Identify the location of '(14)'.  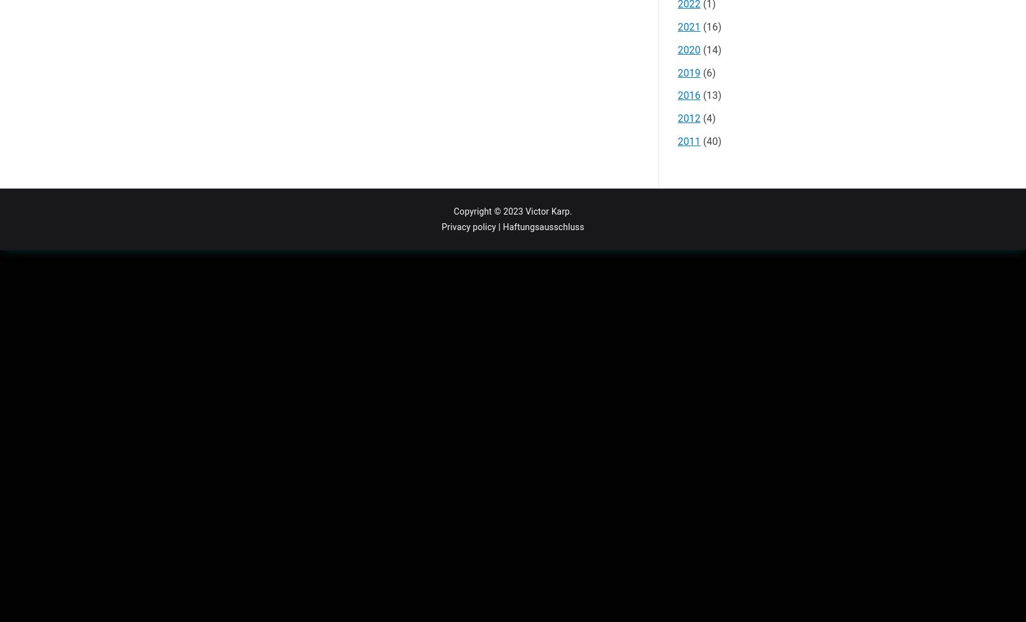
(710, 49).